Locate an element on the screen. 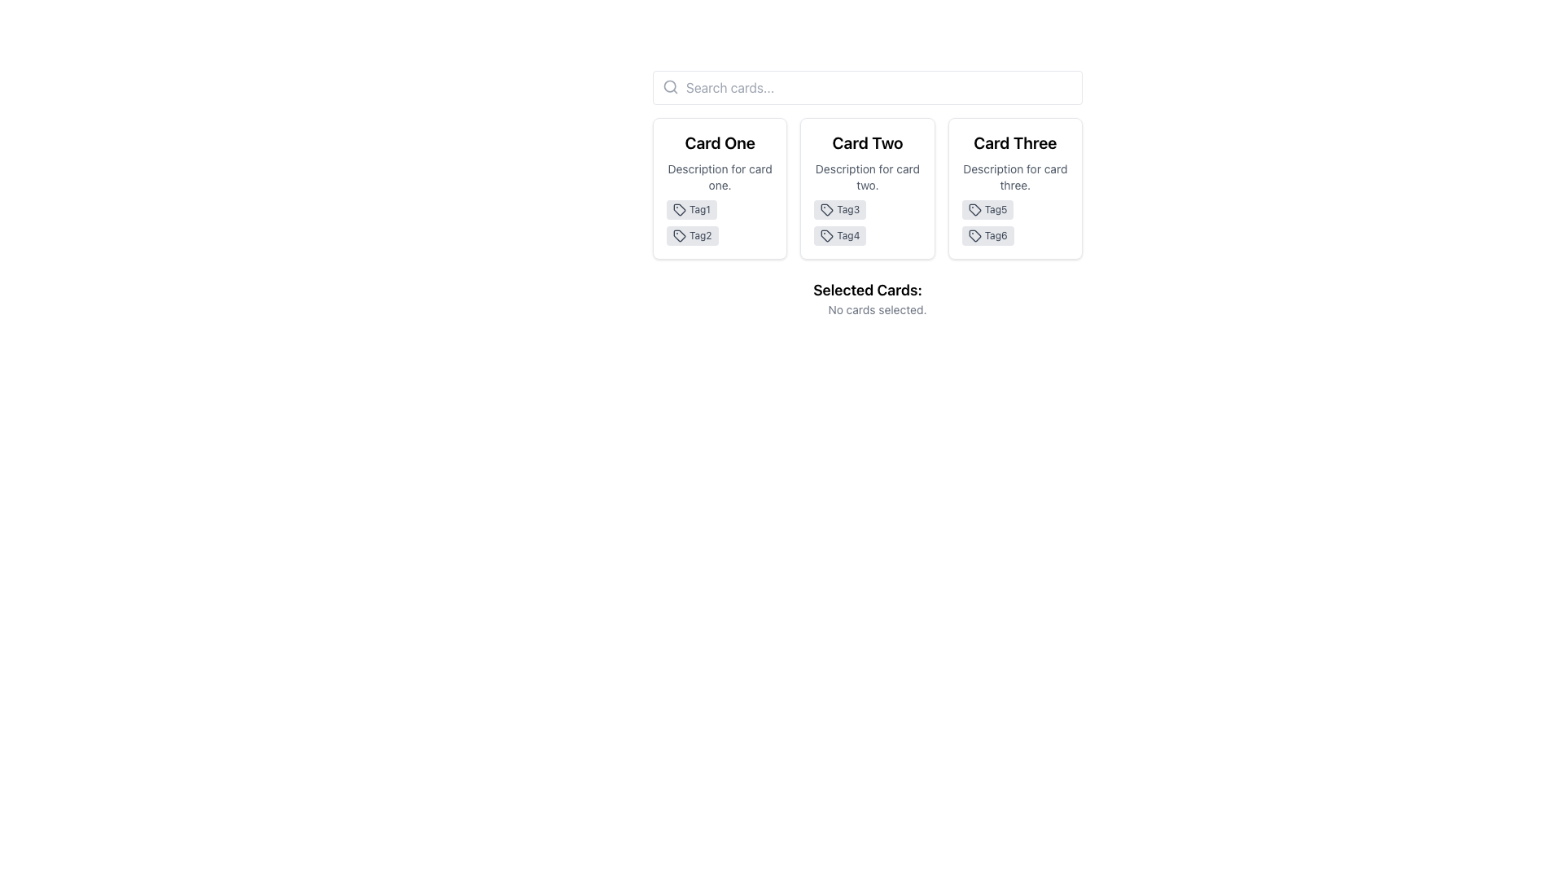  the 'Tag4' icon located within the second card of the horizontal card deck, specifically associated with 'Card Two' is located at coordinates (827, 235).